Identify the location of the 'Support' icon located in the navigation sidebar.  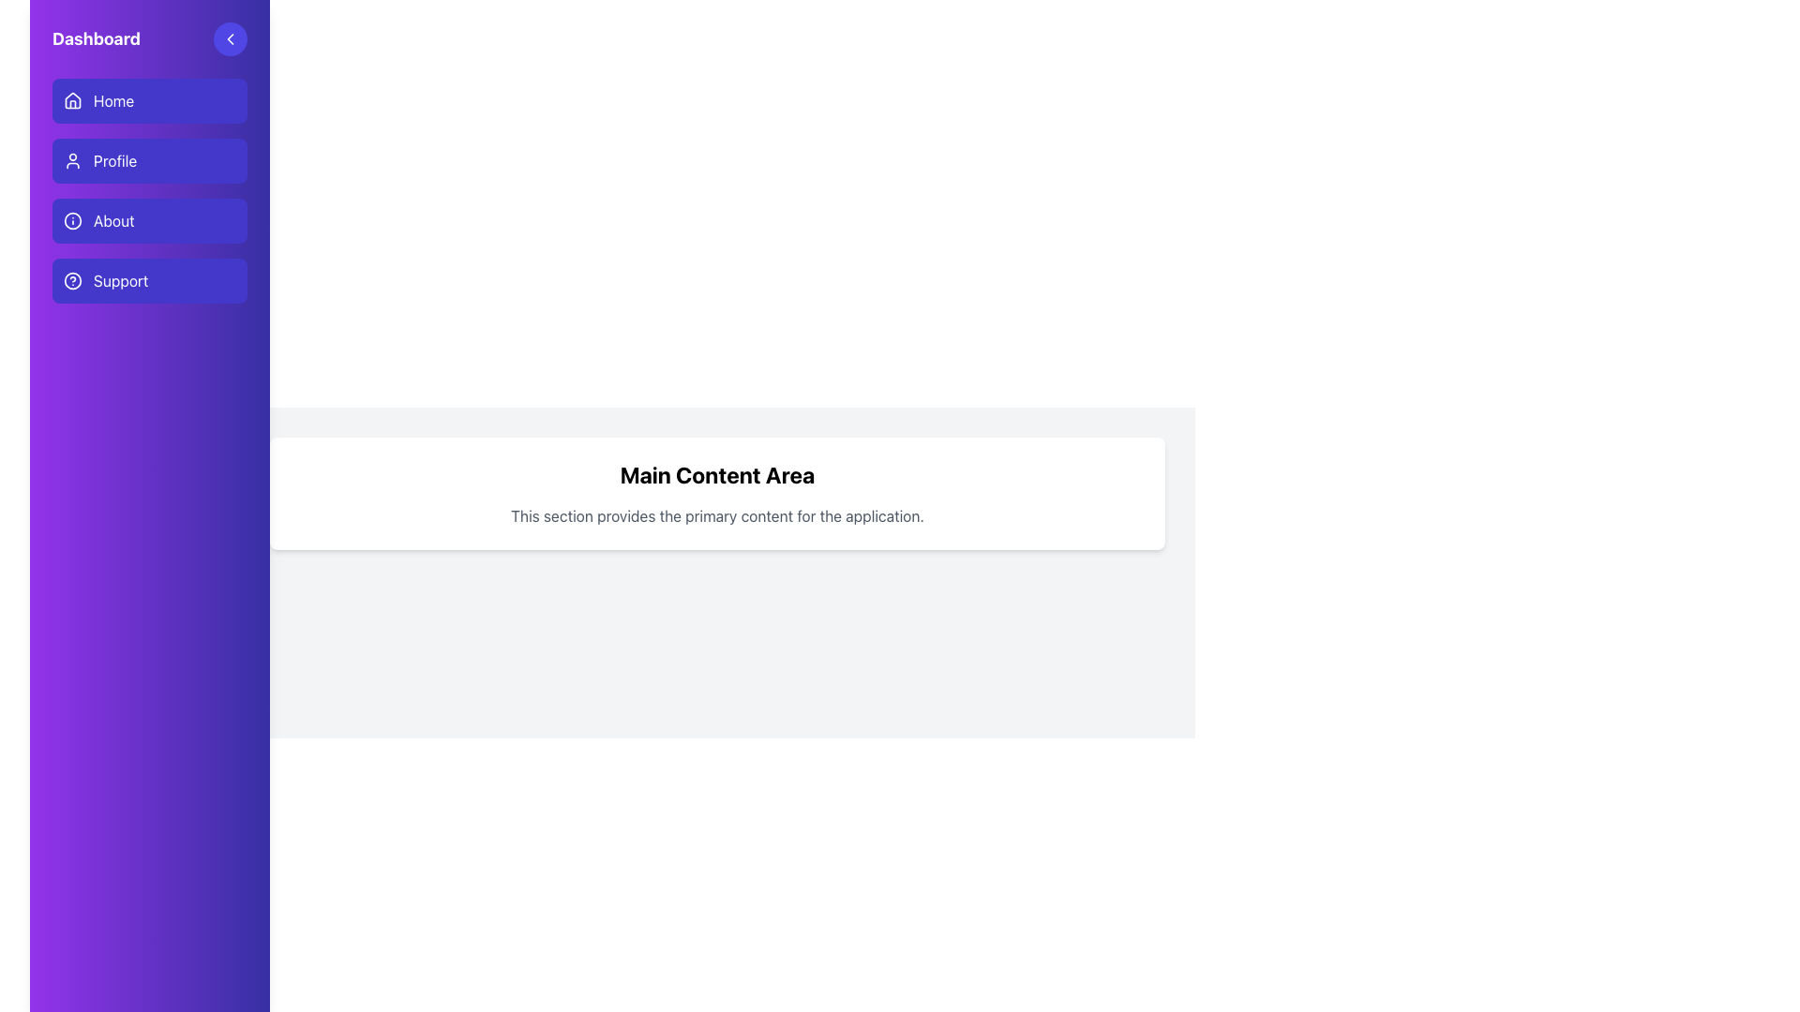
(72, 281).